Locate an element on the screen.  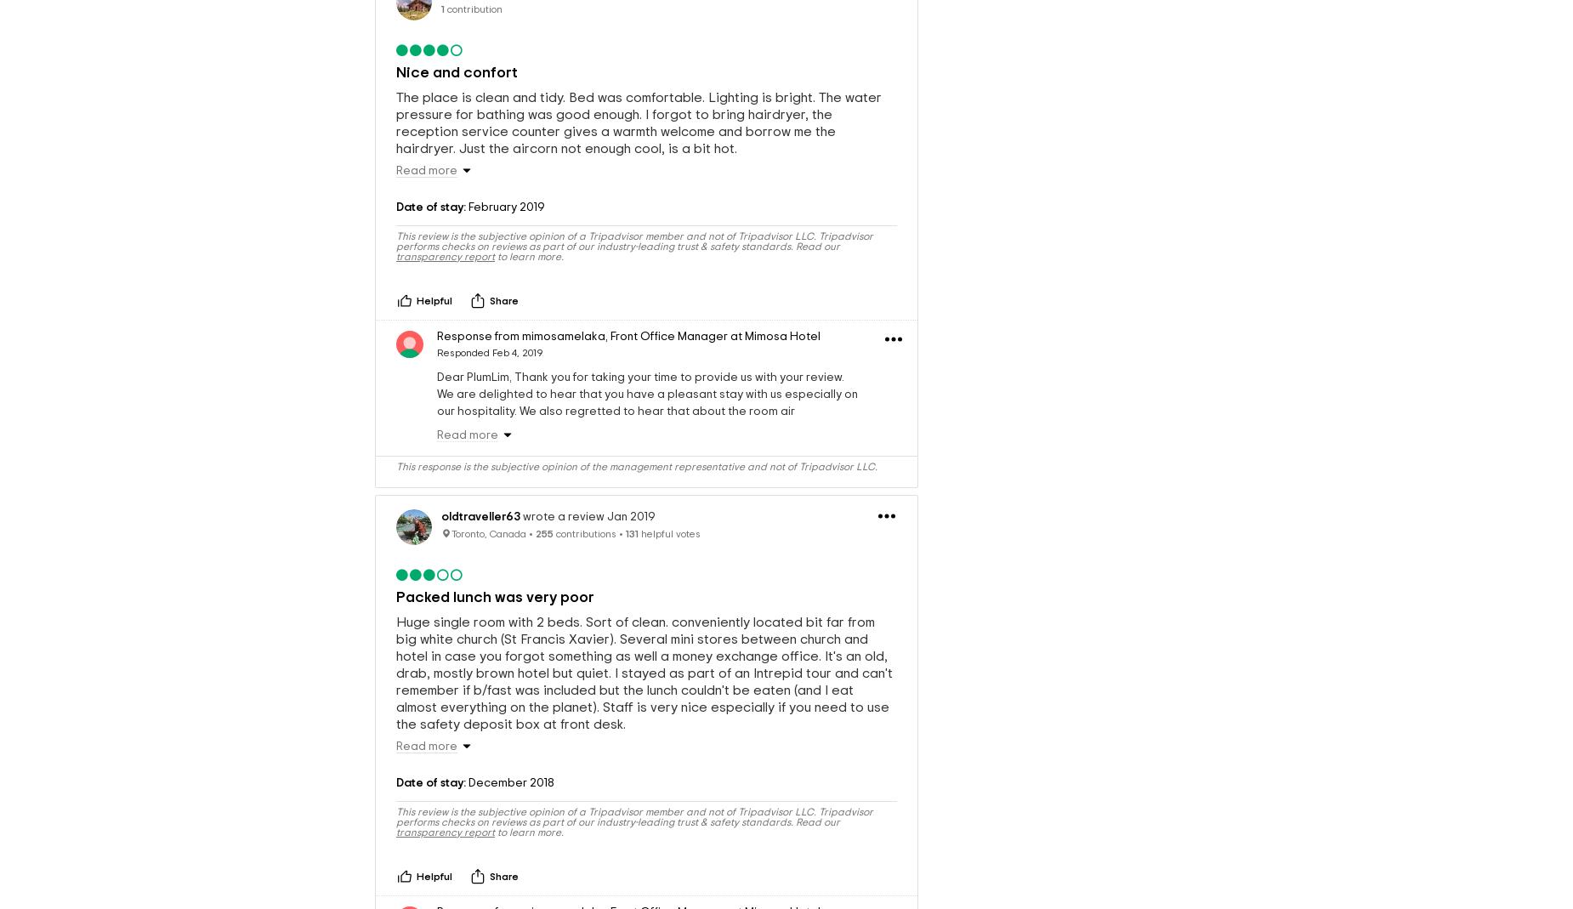
'Toronto, Canada' is located at coordinates (451, 532).